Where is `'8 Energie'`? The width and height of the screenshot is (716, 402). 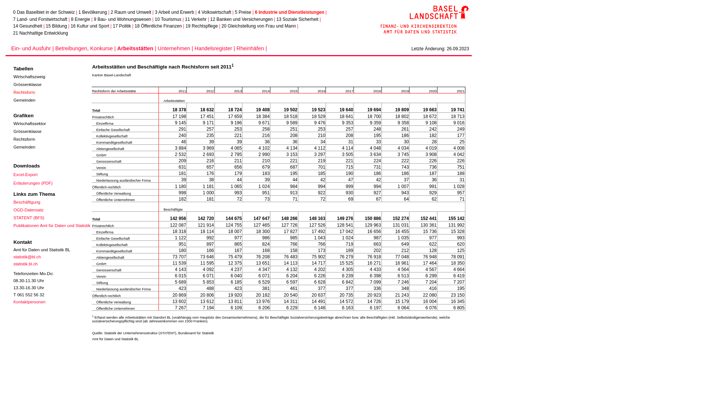 '8 Energie' is located at coordinates (80, 19).